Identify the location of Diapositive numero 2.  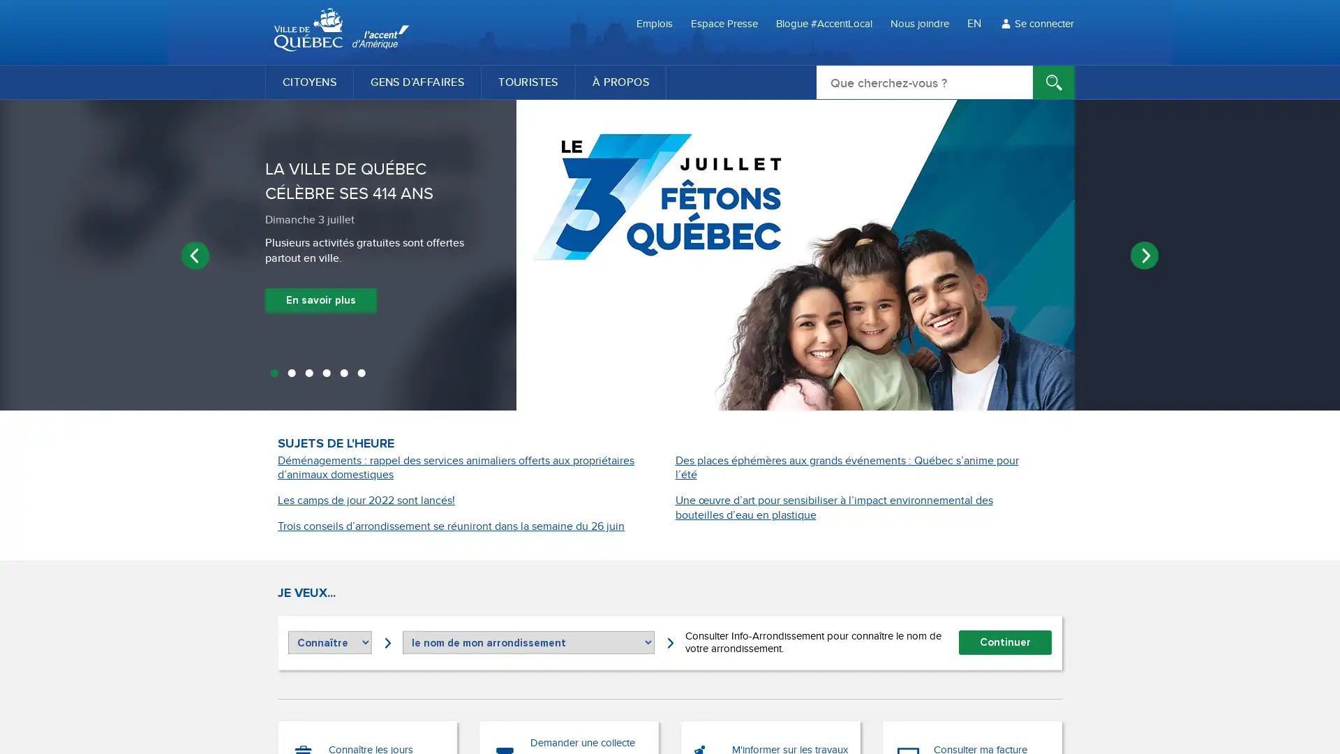
(290, 374).